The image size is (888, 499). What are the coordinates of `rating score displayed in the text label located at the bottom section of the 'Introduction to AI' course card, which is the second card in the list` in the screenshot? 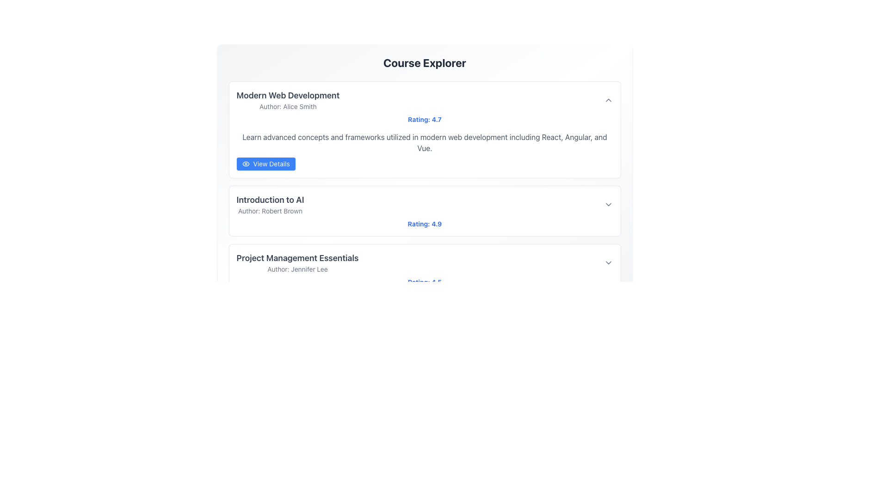 It's located at (424, 224).